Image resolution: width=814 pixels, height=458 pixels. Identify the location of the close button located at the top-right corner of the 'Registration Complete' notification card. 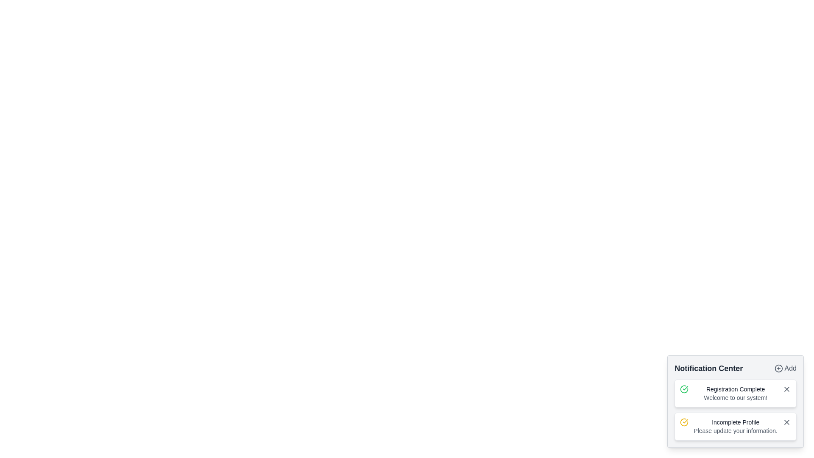
(786, 389).